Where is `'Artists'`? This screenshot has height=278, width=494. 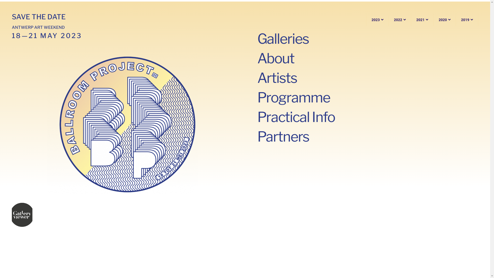
'Artists' is located at coordinates (277, 78).